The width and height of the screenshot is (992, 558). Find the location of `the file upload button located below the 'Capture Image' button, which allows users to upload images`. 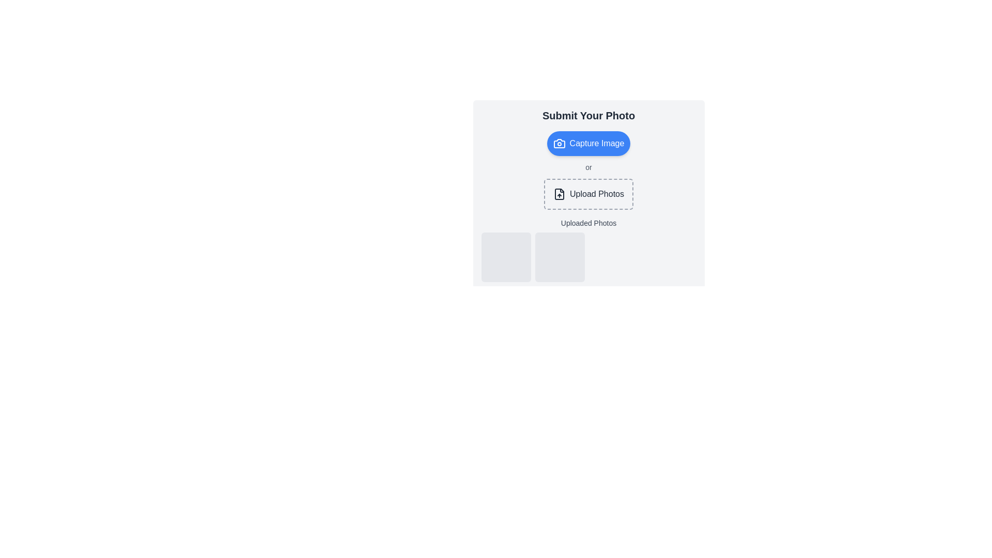

the file upload button located below the 'Capture Image' button, which allows users to upload images is located at coordinates (588, 194).